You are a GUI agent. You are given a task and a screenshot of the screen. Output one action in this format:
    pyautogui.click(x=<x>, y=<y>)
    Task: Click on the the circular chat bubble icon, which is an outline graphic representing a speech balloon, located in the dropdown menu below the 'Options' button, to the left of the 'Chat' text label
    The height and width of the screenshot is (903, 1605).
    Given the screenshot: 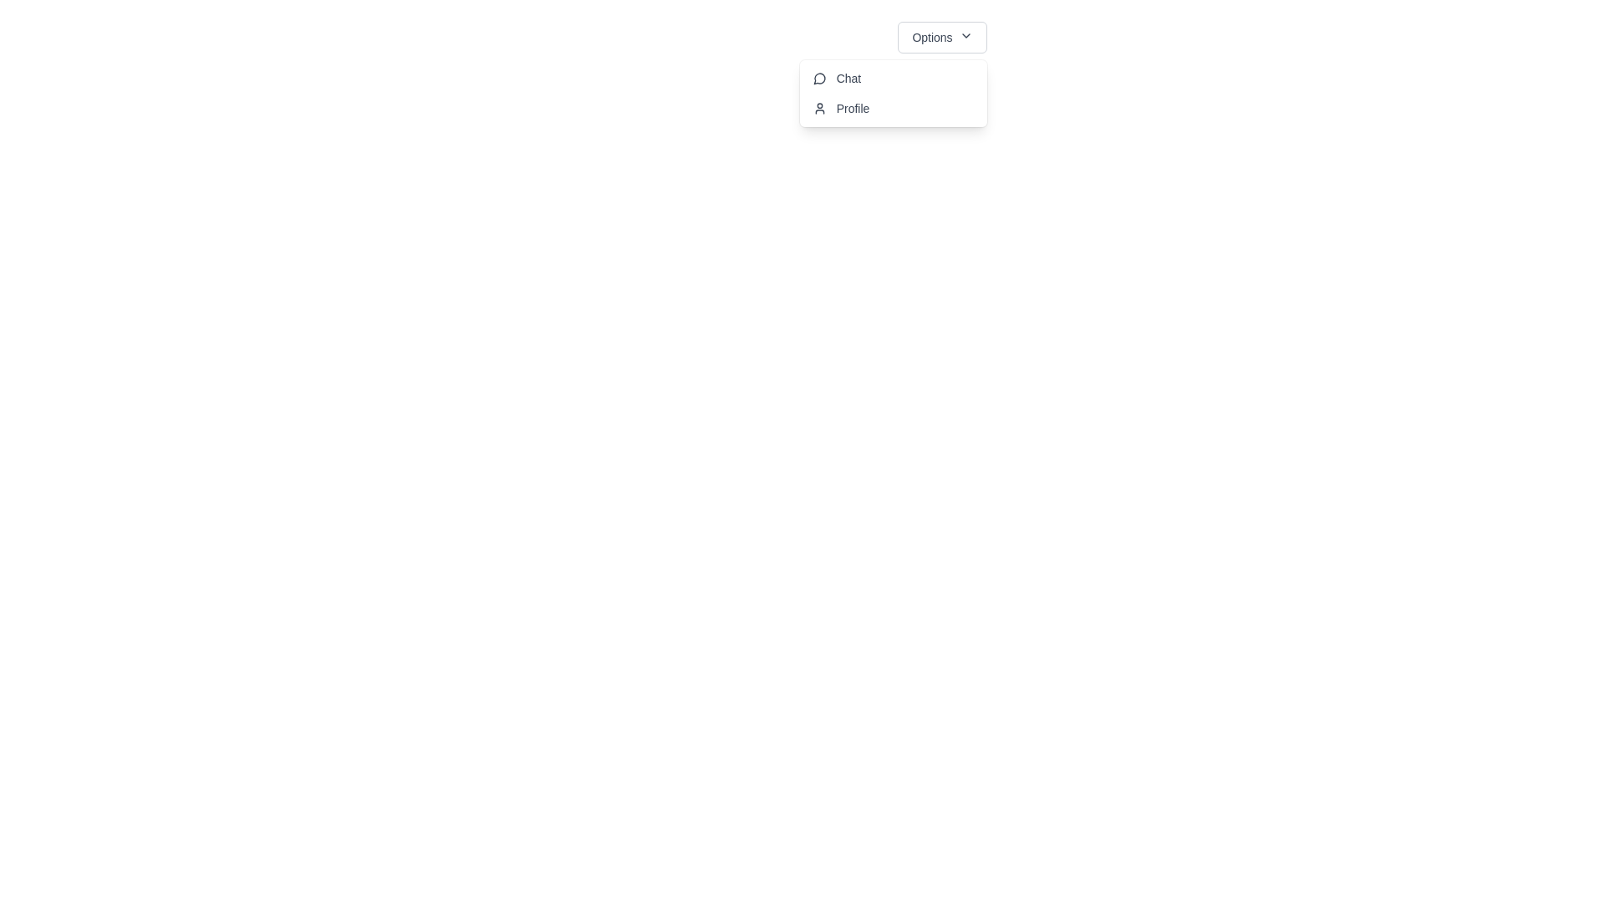 What is the action you would take?
    pyautogui.click(x=819, y=79)
    